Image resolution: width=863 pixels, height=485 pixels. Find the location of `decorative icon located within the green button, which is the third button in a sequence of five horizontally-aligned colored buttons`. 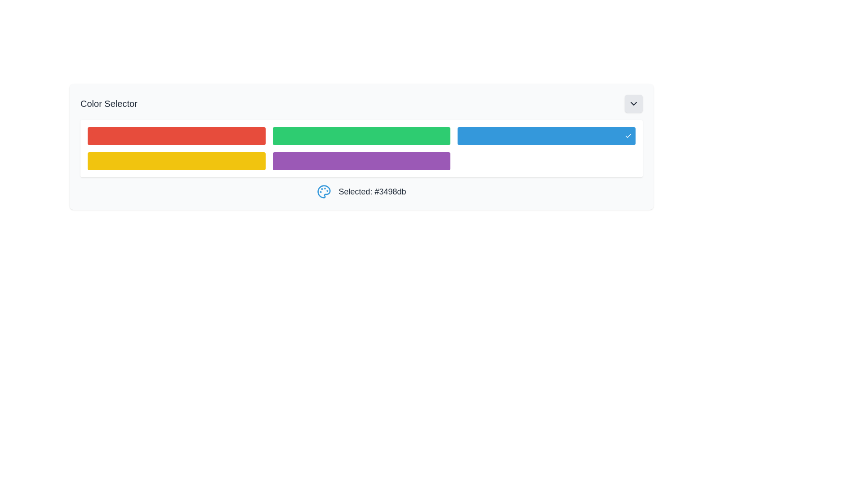

decorative icon located within the green button, which is the third button in a sequence of five horizontally-aligned colored buttons is located at coordinates (281, 136).